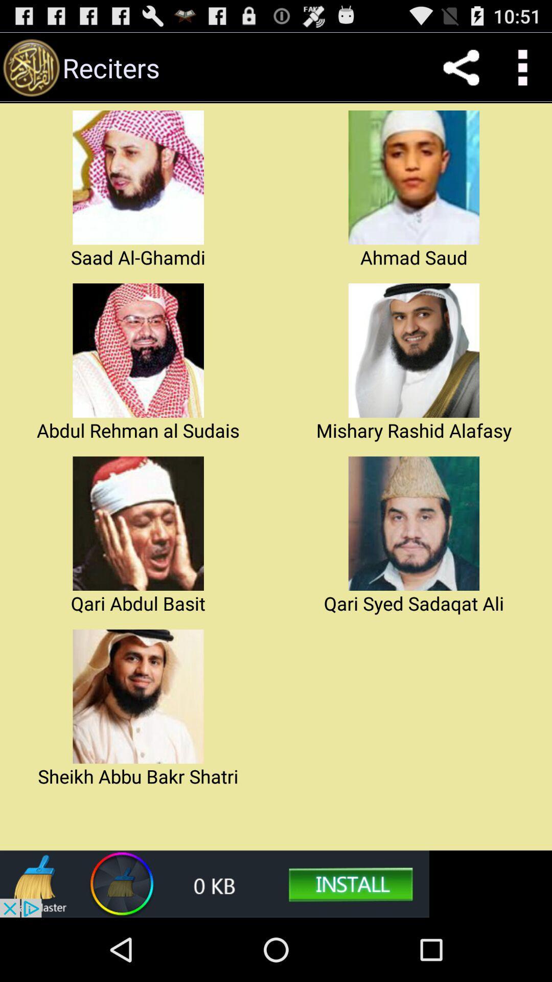 This screenshot has height=982, width=552. Describe the element at coordinates (521, 67) in the screenshot. I see `for setting` at that location.